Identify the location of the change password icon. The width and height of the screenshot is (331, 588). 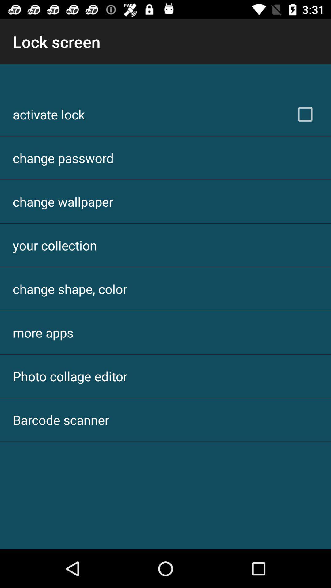
(63, 158).